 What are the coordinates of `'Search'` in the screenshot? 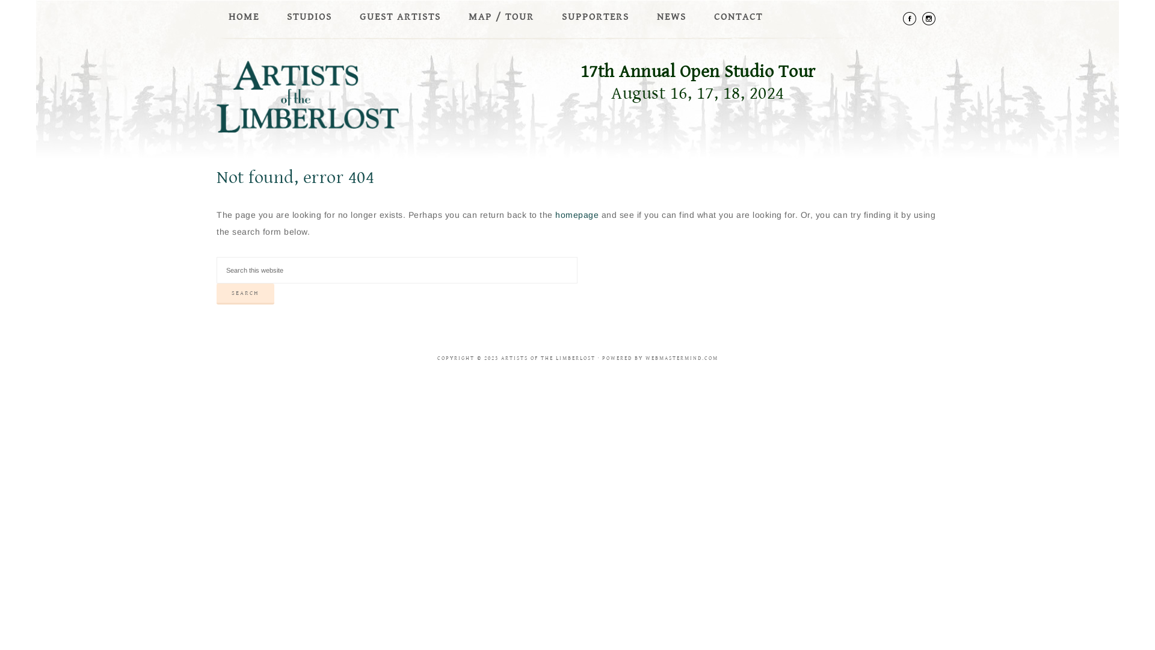 It's located at (245, 294).